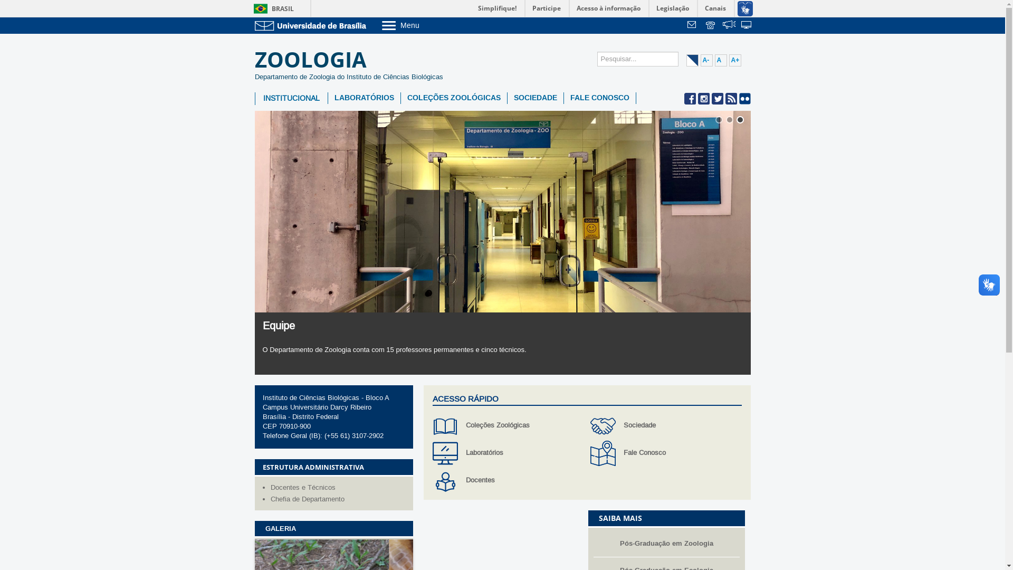 The image size is (1013, 570). I want to click on 'BRASIL', so click(271, 8).